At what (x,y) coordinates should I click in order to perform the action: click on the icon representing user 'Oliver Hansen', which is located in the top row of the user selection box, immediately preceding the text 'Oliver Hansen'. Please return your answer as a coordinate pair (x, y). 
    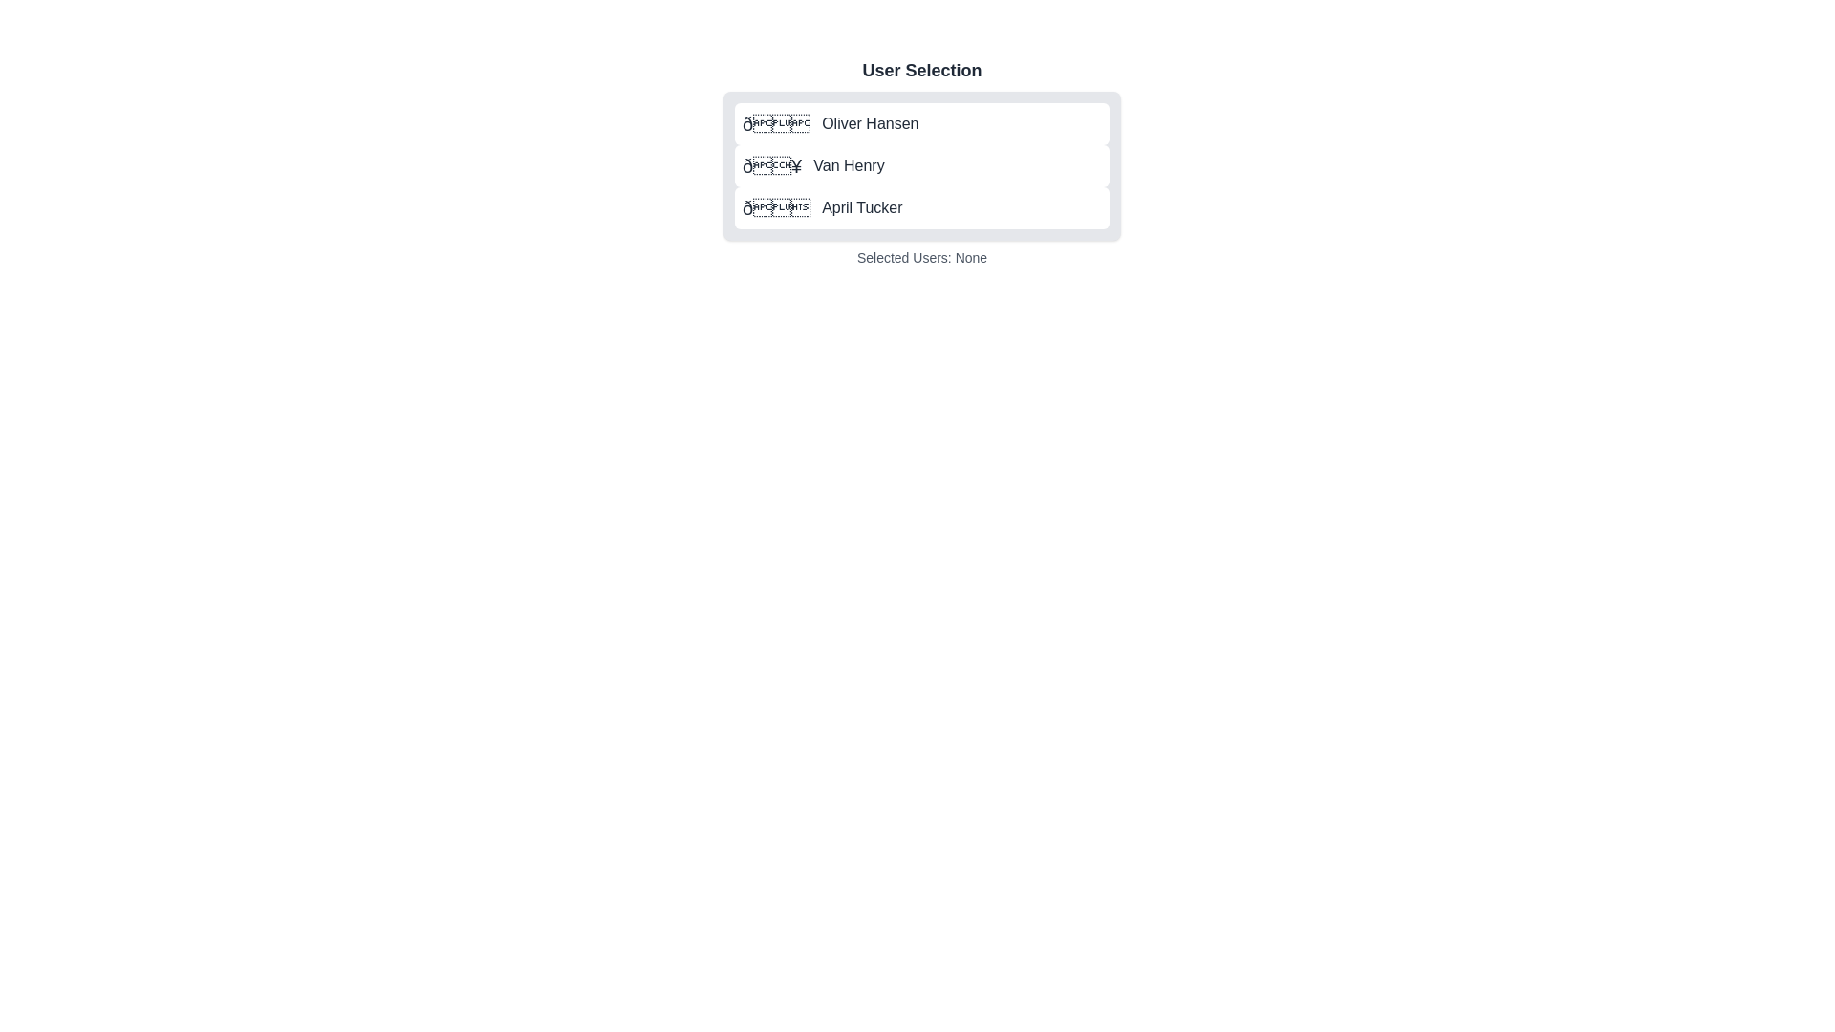
    Looking at the image, I should click on (776, 124).